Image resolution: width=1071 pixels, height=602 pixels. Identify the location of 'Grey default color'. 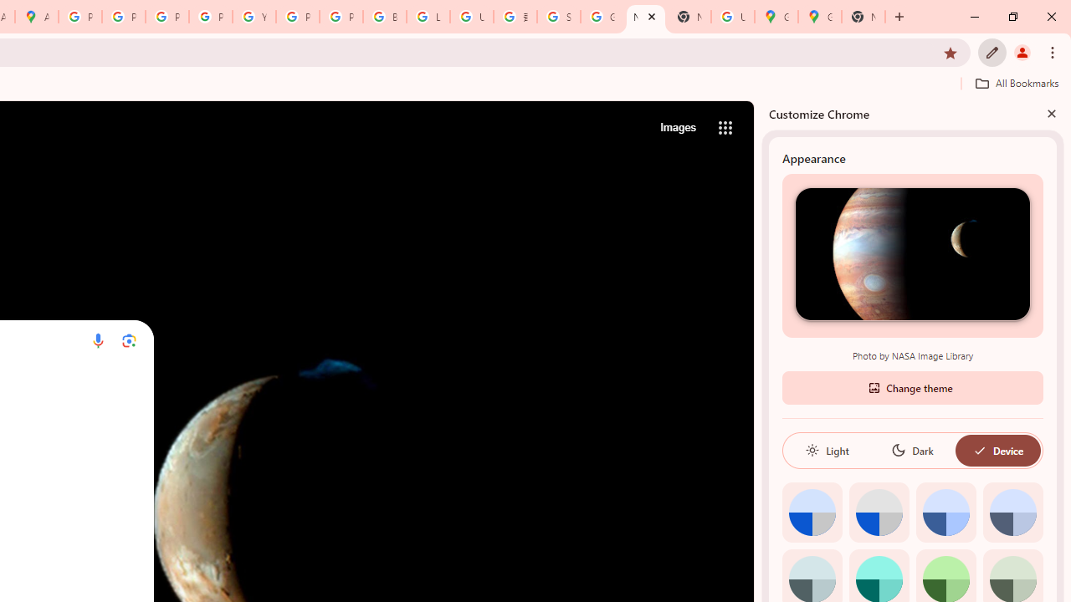
(878, 511).